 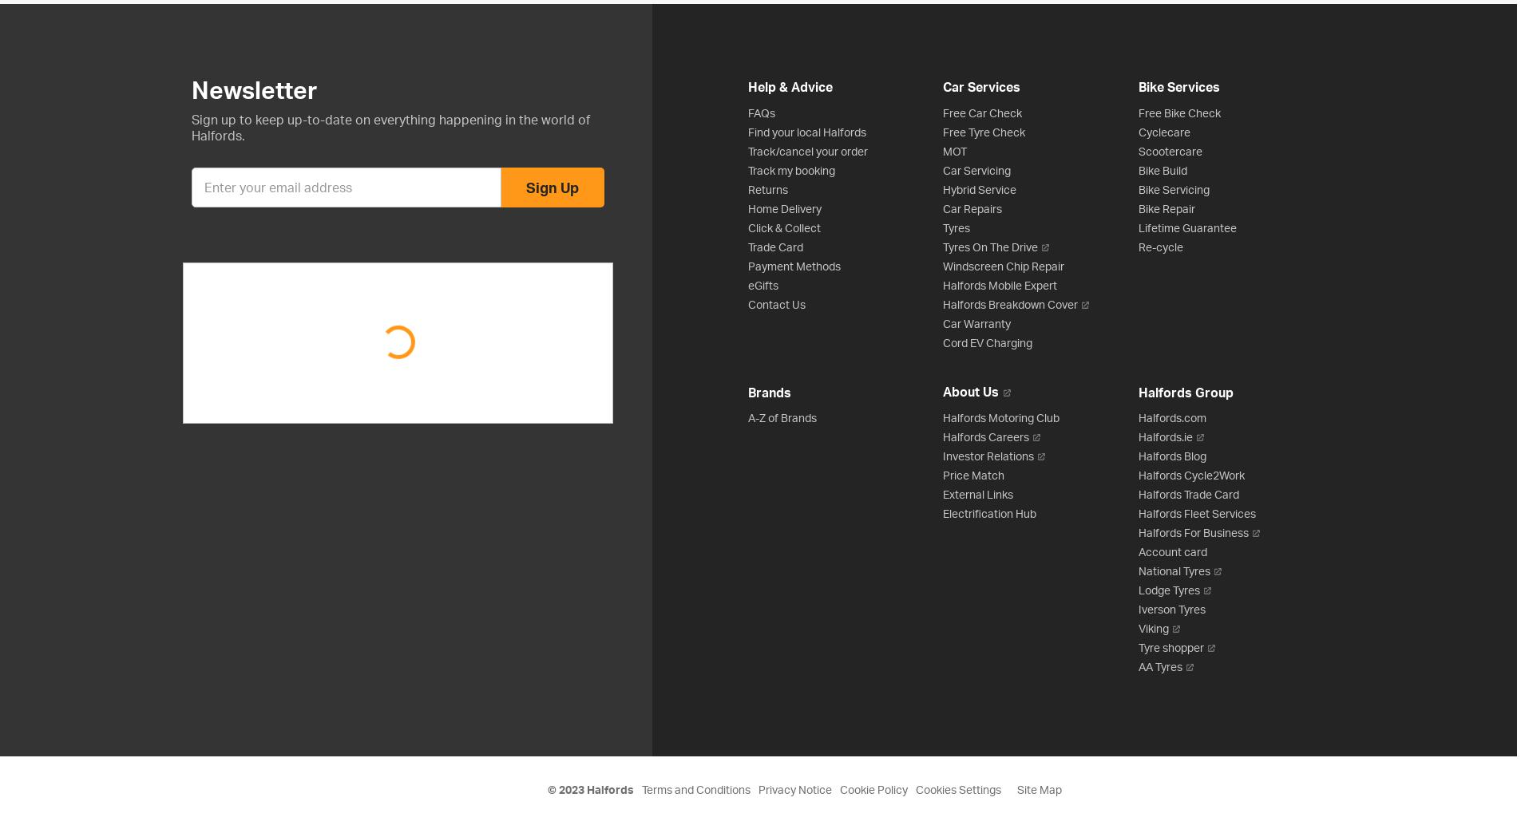 What do you see at coordinates (1196, 513) in the screenshot?
I see `'Halfords Fleet Services'` at bounding box center [1196, 513].